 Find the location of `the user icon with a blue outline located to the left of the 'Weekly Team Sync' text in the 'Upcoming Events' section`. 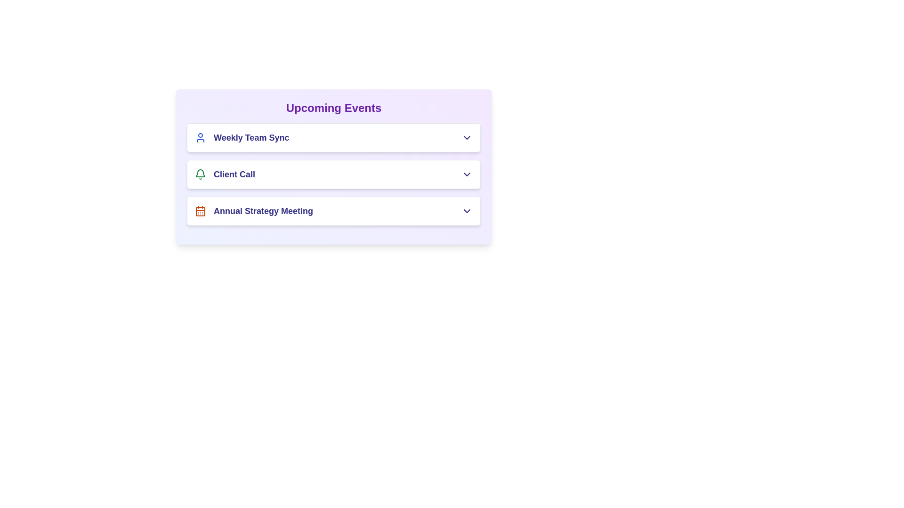

the user icon with a blue outline located to the left of the 'Weekly Team Sync' text in the 'Upcoming Events' section is located at coordinates (200, 138).